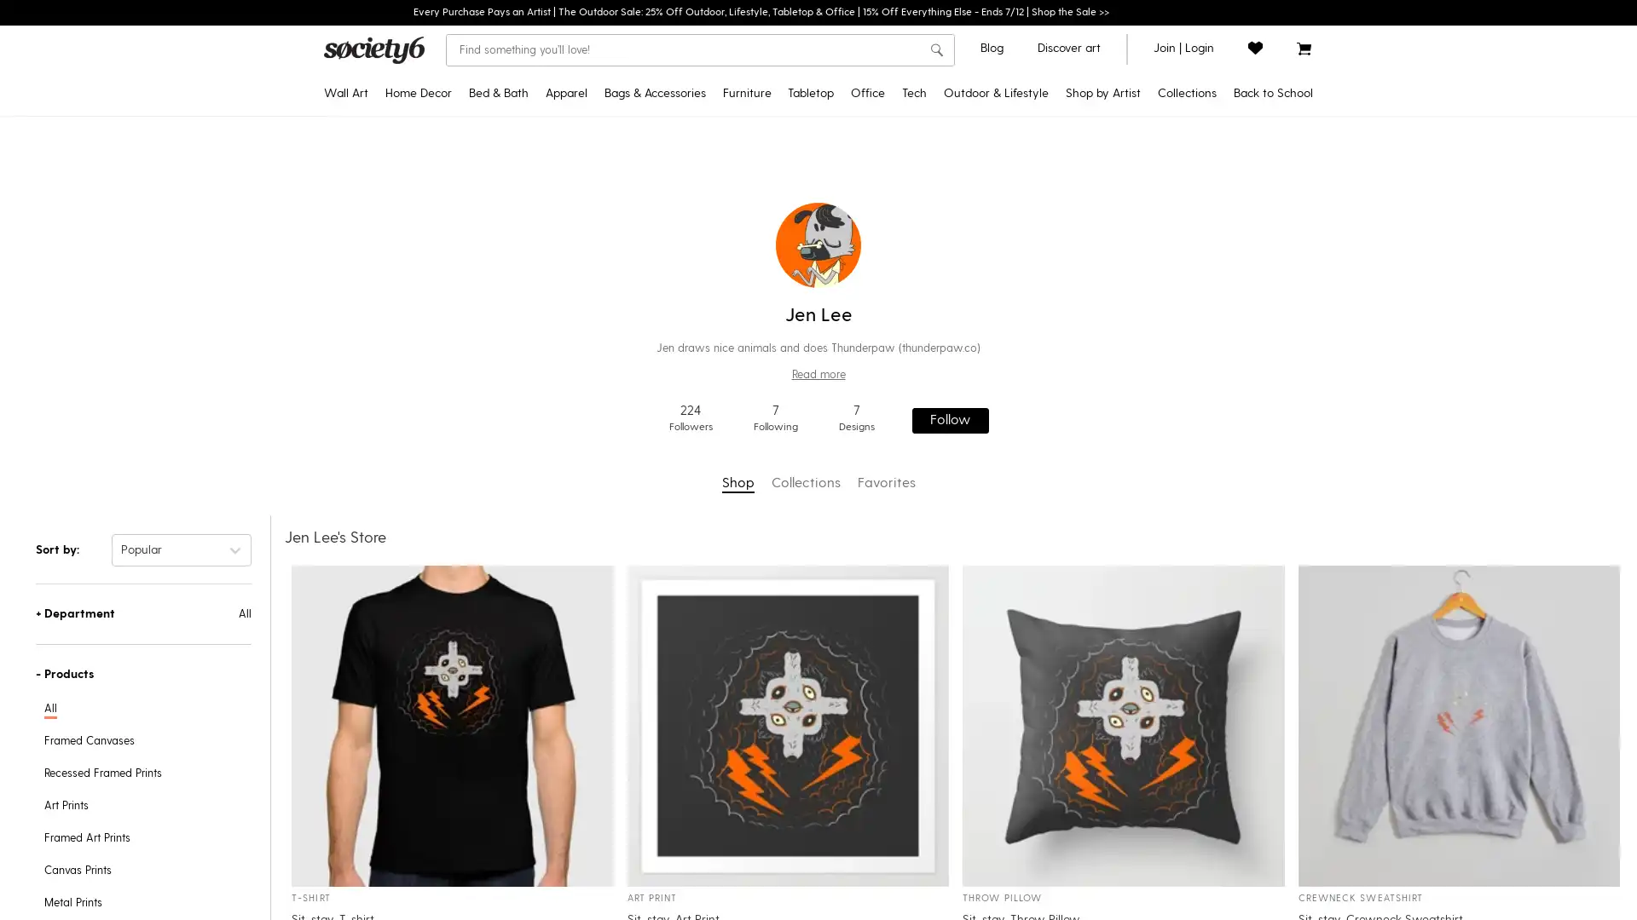 The width and height of the screenshot is (1637, 920). I want to click on Pillow Shams, so click(535, 191).